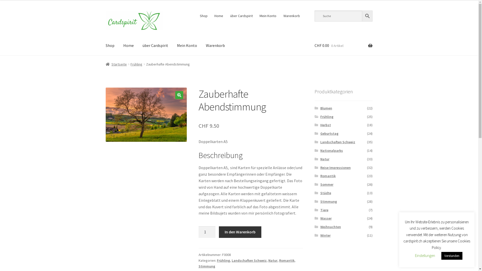 This screenshot has height=271, width=482. Describe the element at coordinates (129, 45) in the screenshot. I see `'Home'` at that location.